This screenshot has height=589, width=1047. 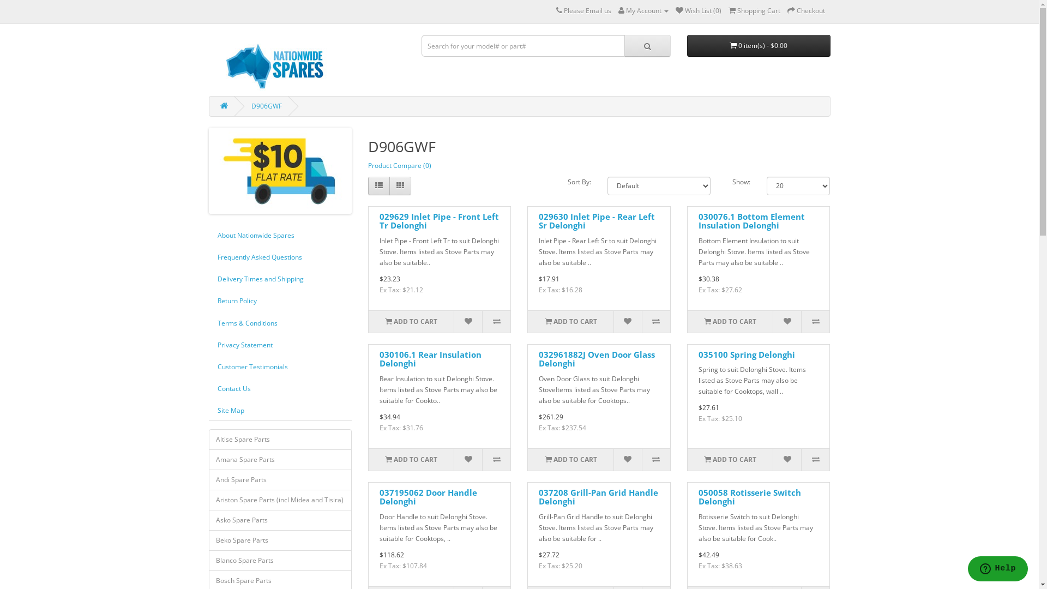 What do you see at coordinates (380, 221) in the screenshot?
I see `'029629 Inlet Pipe - Front Left Tr Delonghi'` at bounding box center [380, 221].